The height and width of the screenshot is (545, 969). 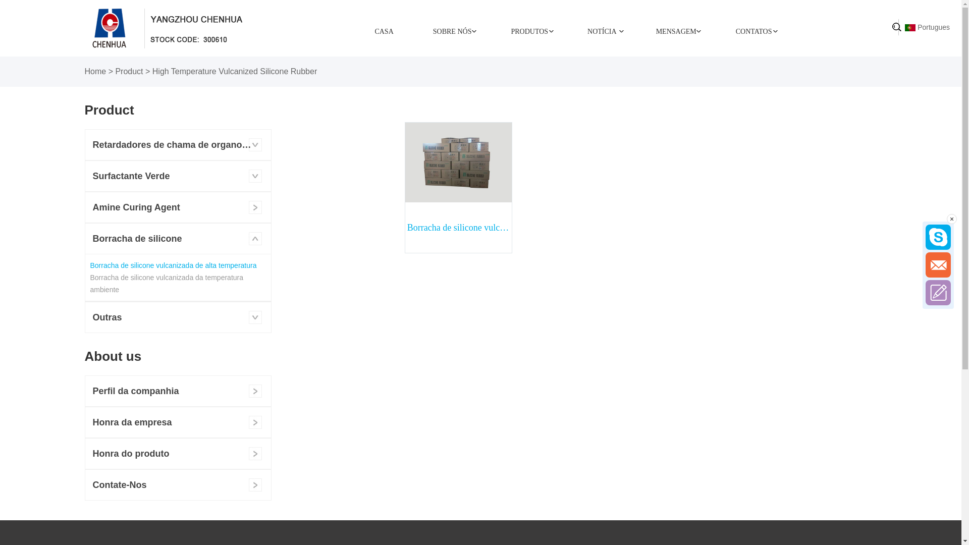 What do you see at coordinates (910, 27) in the screenshot?
I see `'Portugues'` at bounding box center [910, 27].